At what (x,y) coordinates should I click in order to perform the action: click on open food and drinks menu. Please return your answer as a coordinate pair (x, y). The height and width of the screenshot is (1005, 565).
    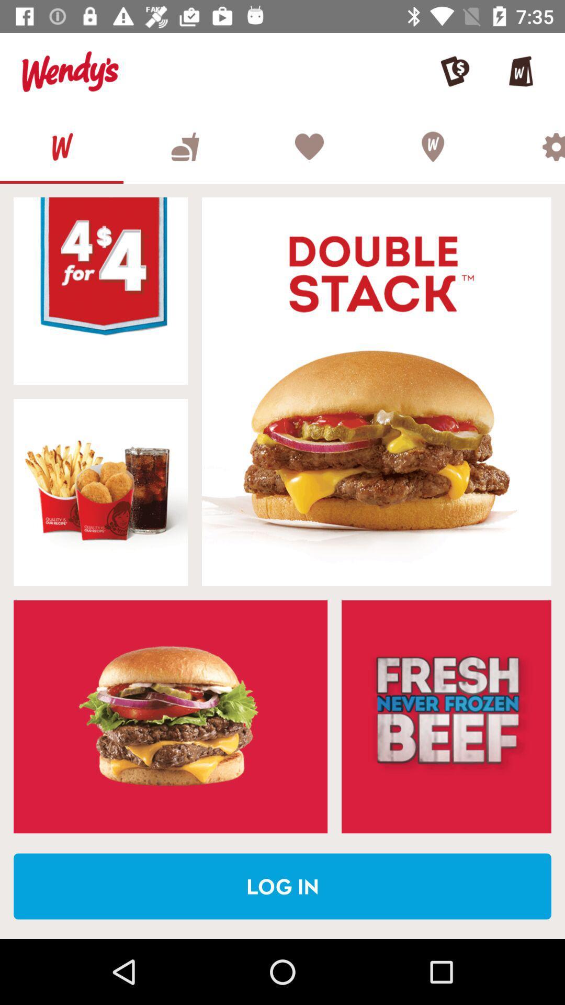
    Looking at the image, I should click on (185, 146).